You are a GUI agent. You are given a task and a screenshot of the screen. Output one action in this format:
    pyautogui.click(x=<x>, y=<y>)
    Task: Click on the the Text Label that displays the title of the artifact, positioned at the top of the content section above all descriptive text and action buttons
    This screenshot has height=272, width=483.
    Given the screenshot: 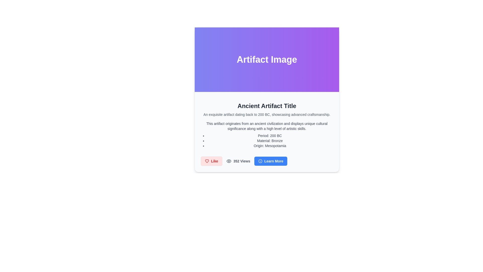 What is the action you would take?
    pyautogui.click(x=266, y=106)
    